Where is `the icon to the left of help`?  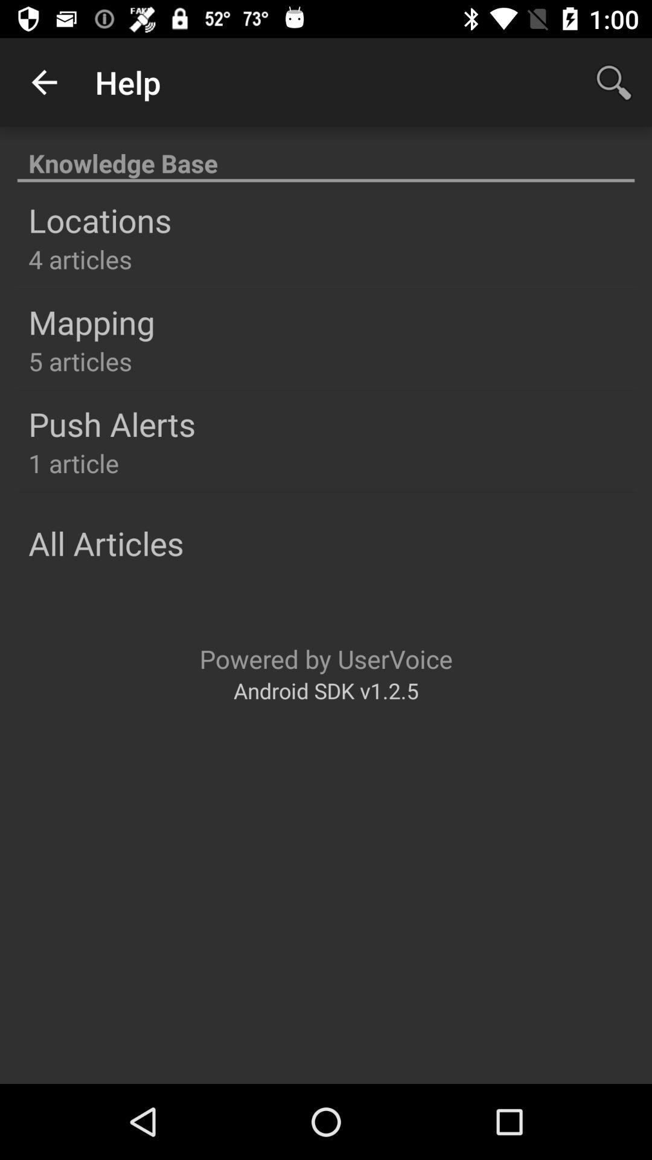
the icon to the left of help is located at coordinates (43, 82).